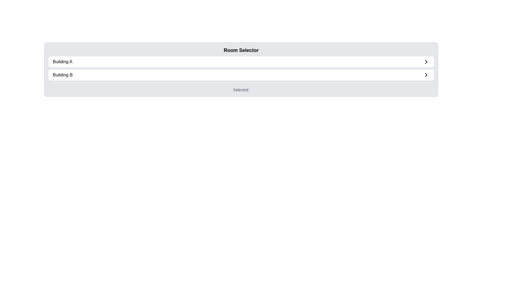 Image resolution: width=528 pixels, height=297 pixels. I want to click on the icon in the 'Room Selector' component, so click(241, 68).